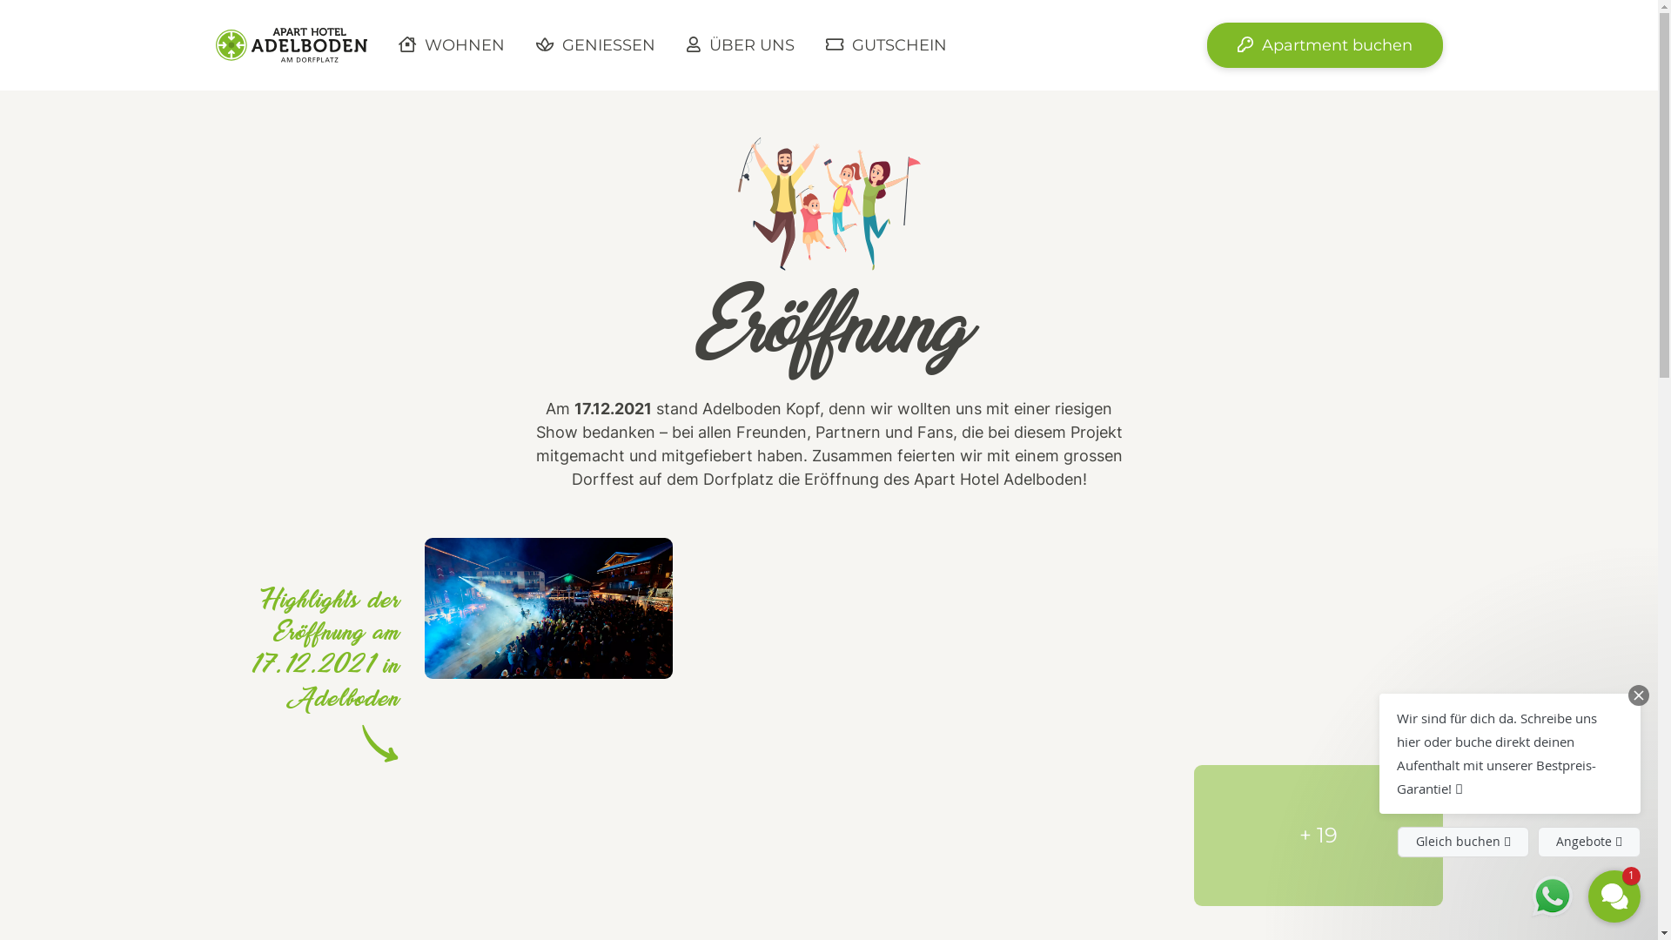  I want to click on ' GUTSCHEIN', so click(886, 44).